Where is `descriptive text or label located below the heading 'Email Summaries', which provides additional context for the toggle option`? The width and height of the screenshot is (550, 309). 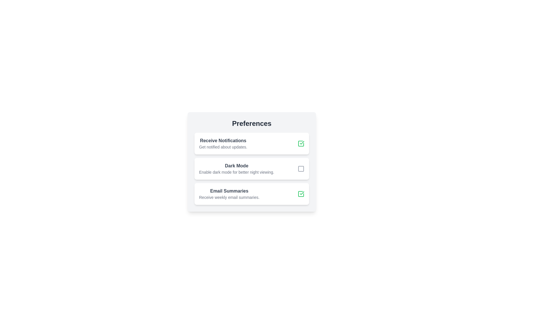 descriptive text or label located below the heading 'Email Summaries', which provides additional context for the toggle option is located at coordinates (229, 197).